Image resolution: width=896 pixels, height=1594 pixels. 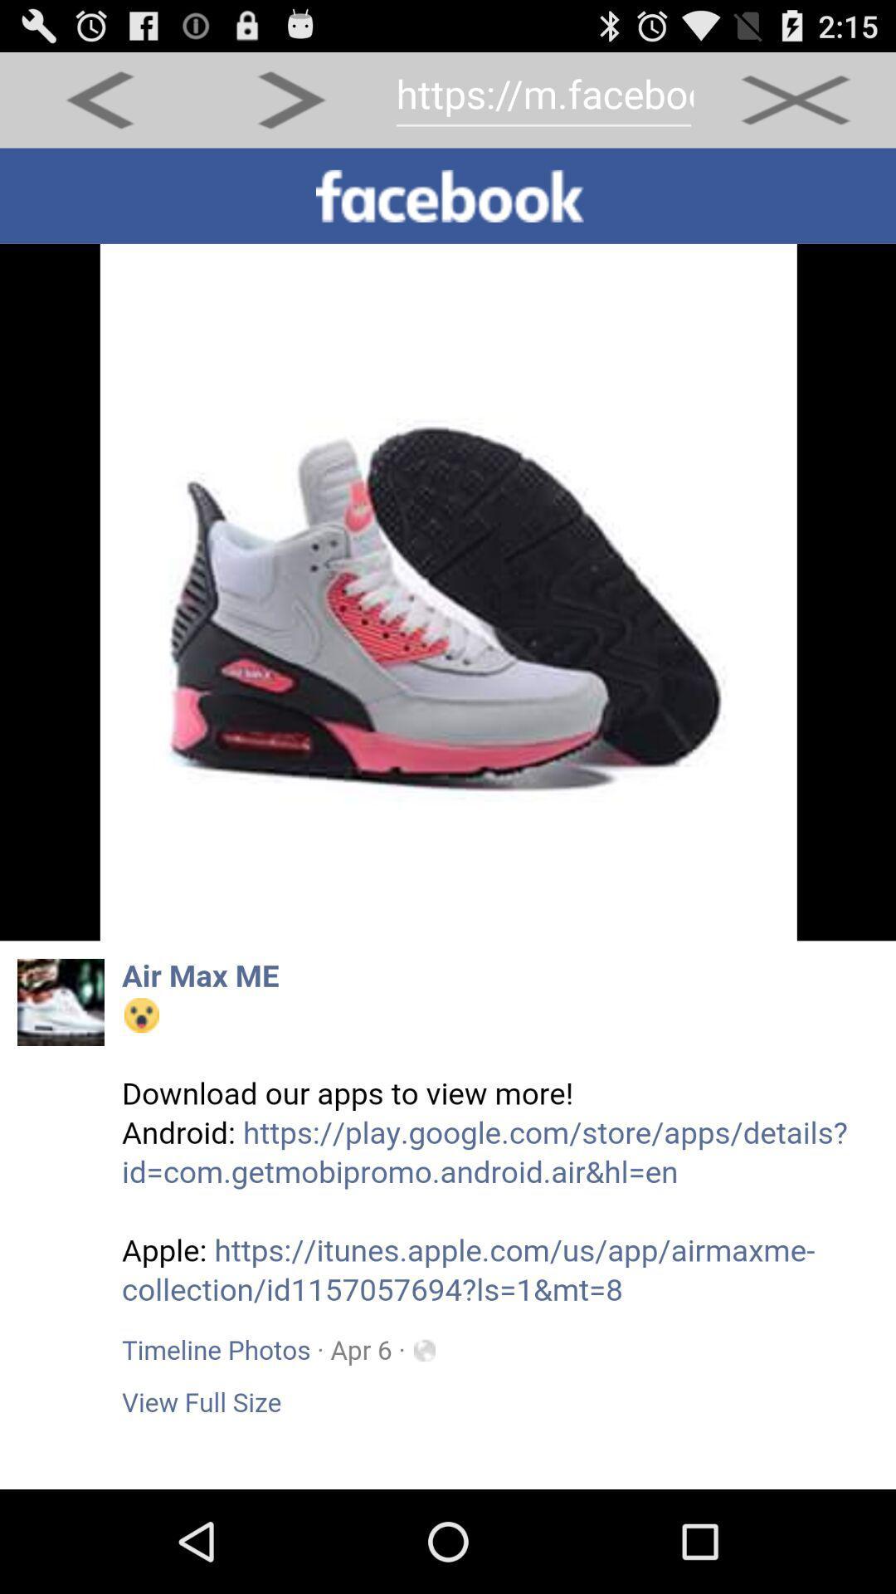 What do you see at coordinates (795, 99) in the screenshot?
I see `close` at bounding box center [795, 99].